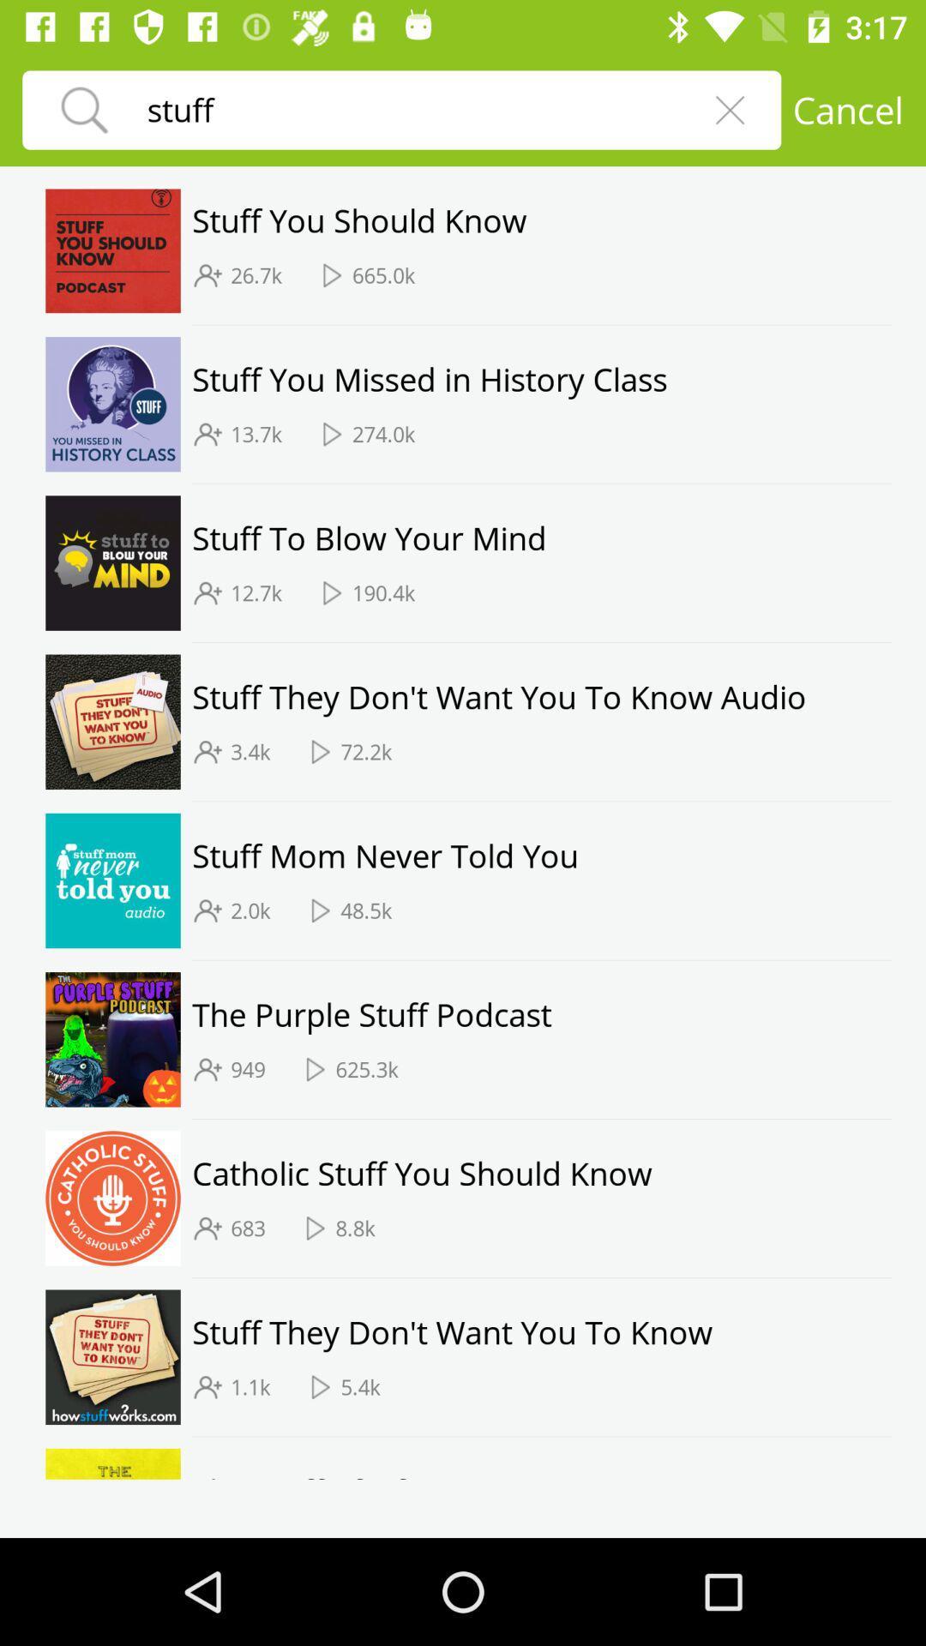  Describe the element at coordinates (248, 1068) in the screenshot. I see `the 949 icon` at that location.